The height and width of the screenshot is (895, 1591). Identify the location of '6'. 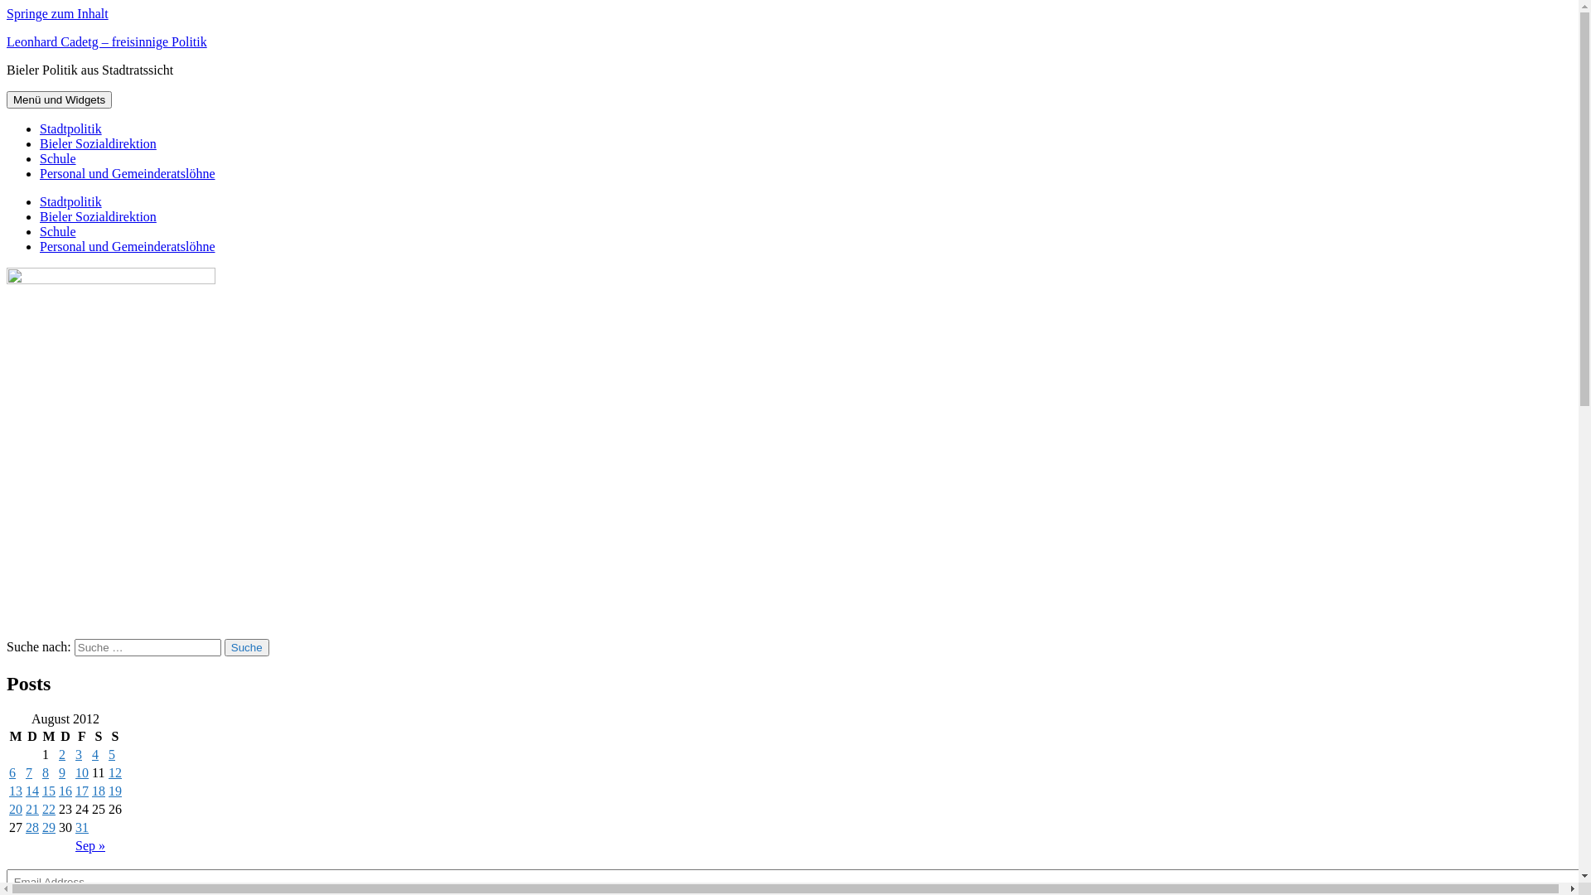
(12, 772).